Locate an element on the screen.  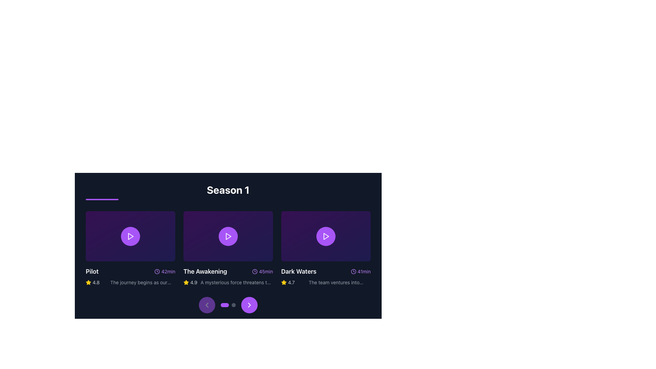
the yellow star icon representing a rating or favorite, located below the title 'The Awakening' in the second column of a list of cards is located at coordinates (284, 283).